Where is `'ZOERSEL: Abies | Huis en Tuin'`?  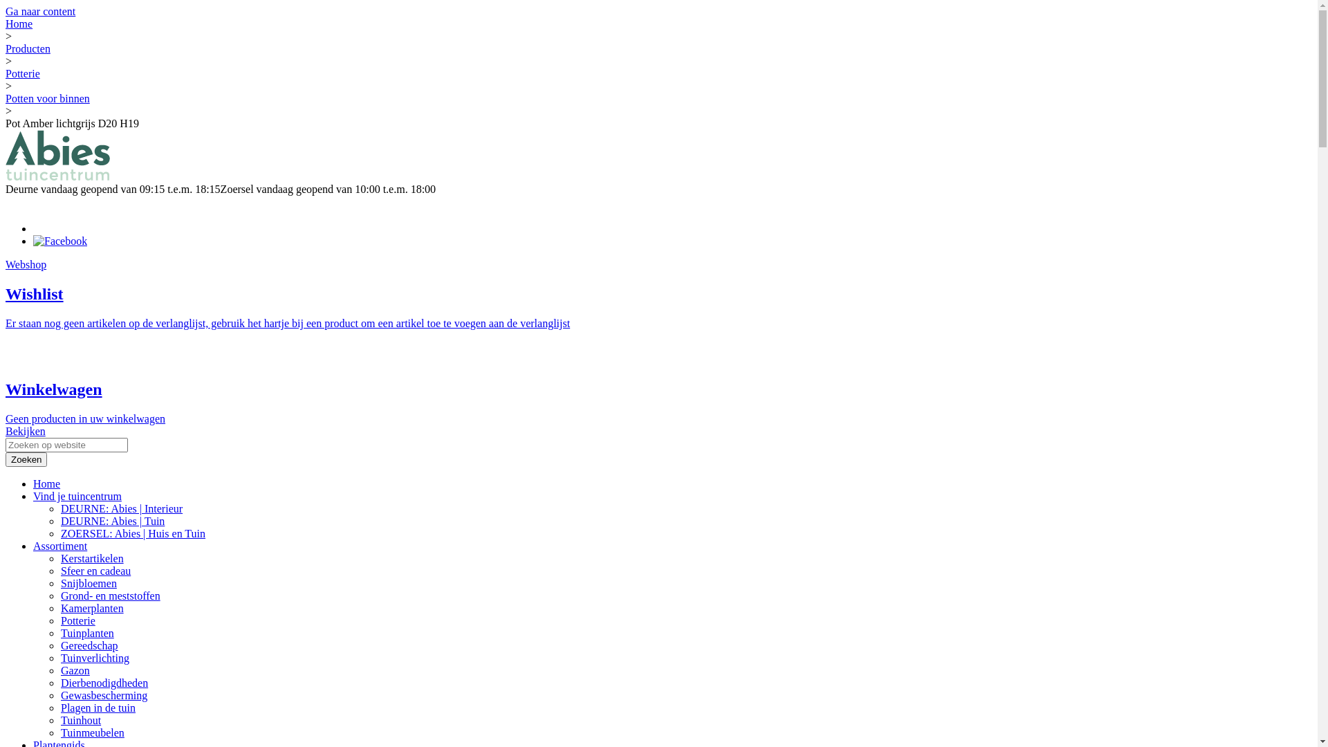 'ZOERSEL: Abies | Huis en Tuin' is located at coordinates (133, 533).